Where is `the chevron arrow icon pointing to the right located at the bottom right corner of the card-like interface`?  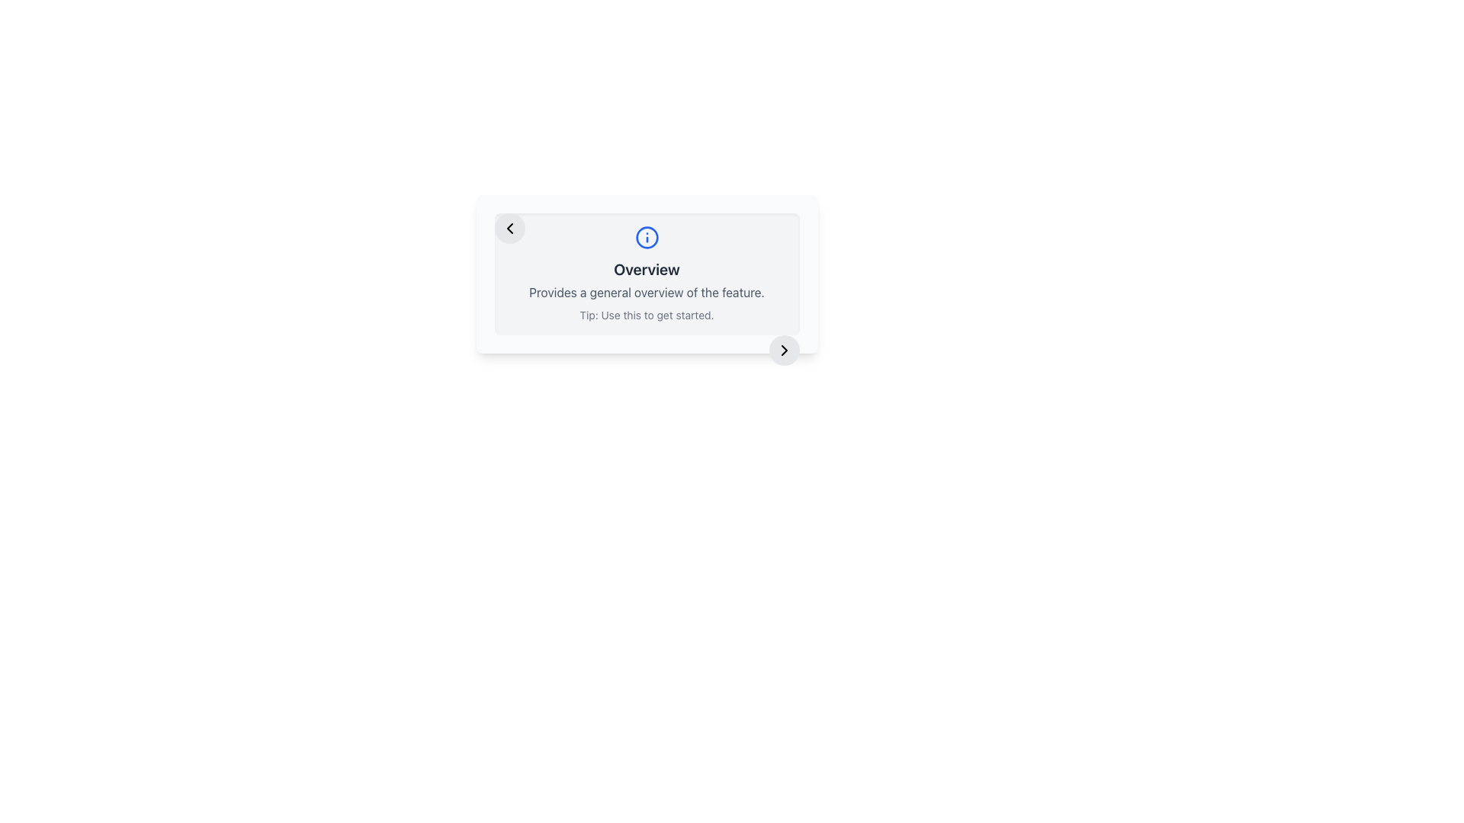
the chevron arrow icon pointing to the right located at the bottom right corner of the card-like interface is located at coordinates (784, 350).